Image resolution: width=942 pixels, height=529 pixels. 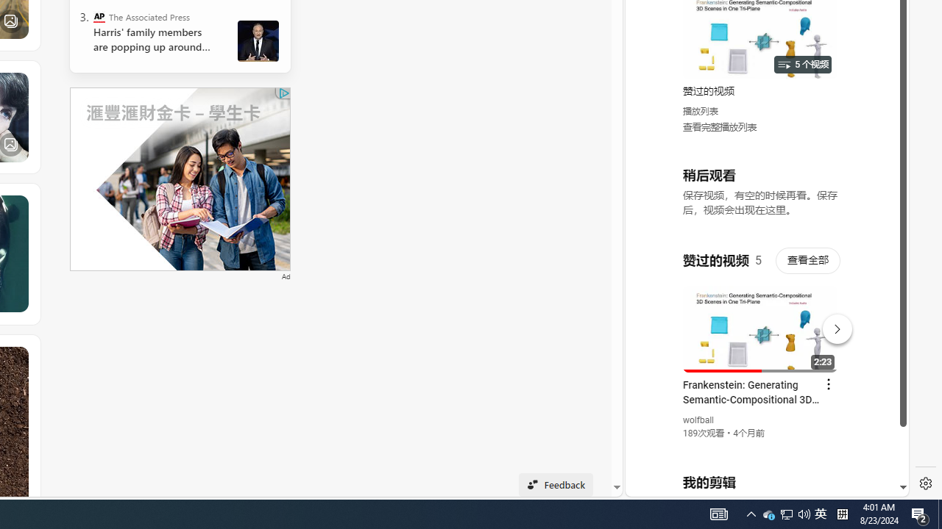 I want to click on 'wolfball', so click(x=698, y=420).